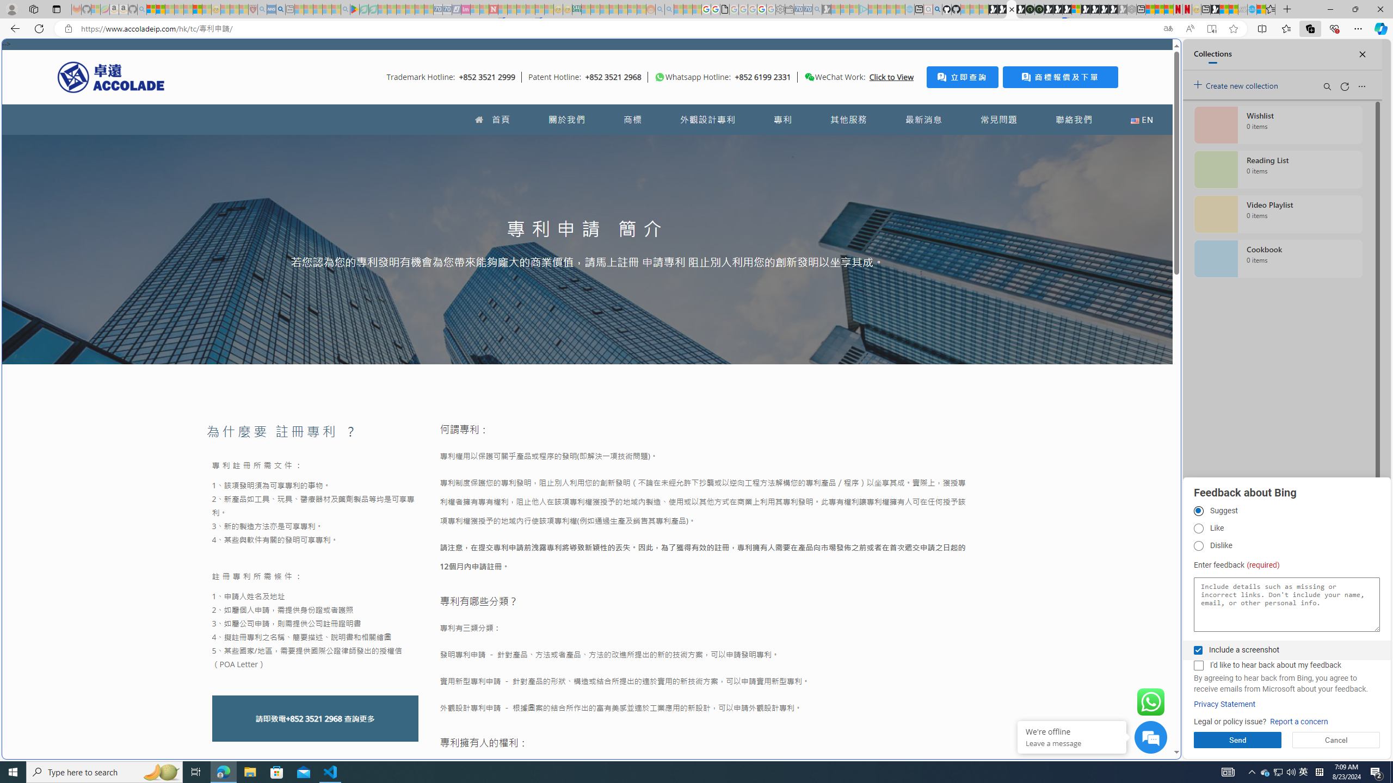  I want to click on 'Class: desktop', so click(809, 77).